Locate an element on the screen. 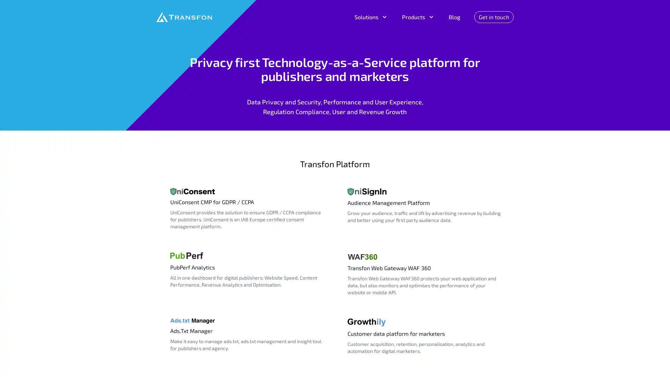  Solutions is located at coordinates (371, 17).